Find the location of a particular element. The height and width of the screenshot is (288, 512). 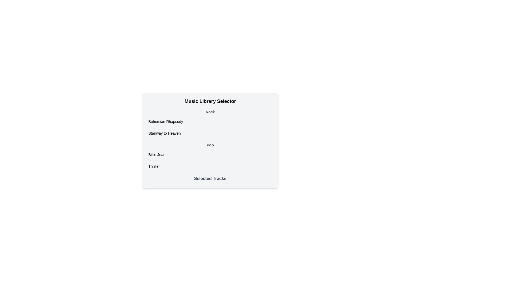

the text label displaying 'Billie Jean', which is styled in a standard sans-serif font and is the first item under the 'Pop' category in the music library interface is located at coordinates (157, 154).